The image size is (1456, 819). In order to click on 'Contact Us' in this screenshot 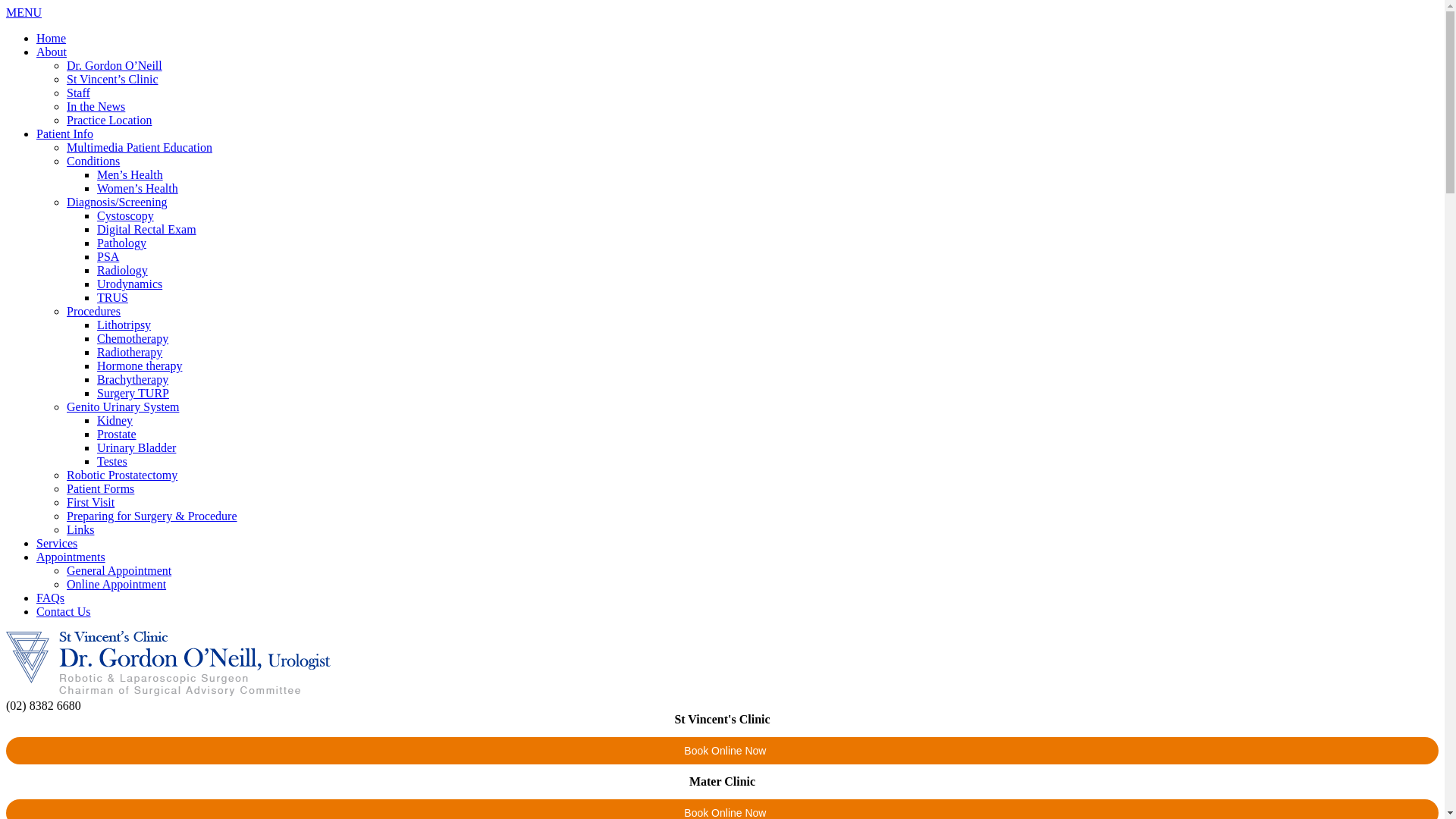, I will do `click(62, 610)`.